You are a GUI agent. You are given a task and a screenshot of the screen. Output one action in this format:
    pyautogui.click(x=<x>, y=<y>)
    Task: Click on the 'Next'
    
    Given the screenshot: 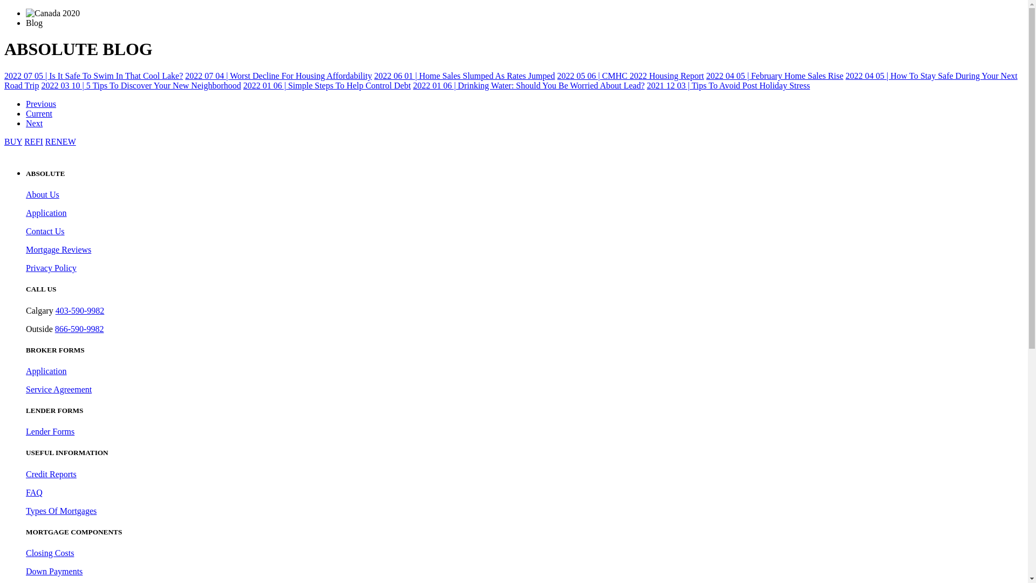 What is the action you would take?
    pyautogui.click(x=26, y=123)
    